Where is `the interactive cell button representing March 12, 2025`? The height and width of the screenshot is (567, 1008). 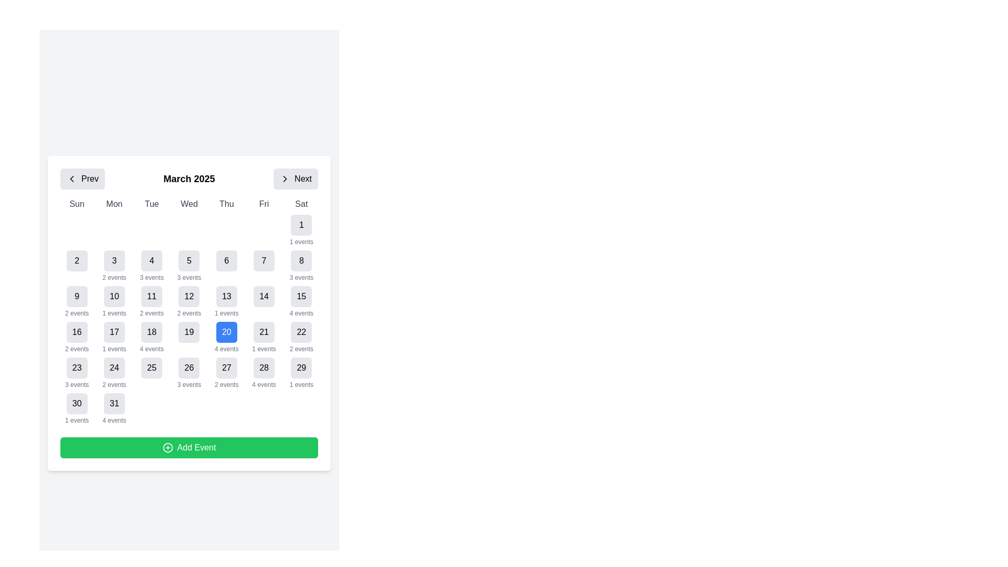 the interactive cell button representing March 12, 2025 is located at coordinates (189, 296).